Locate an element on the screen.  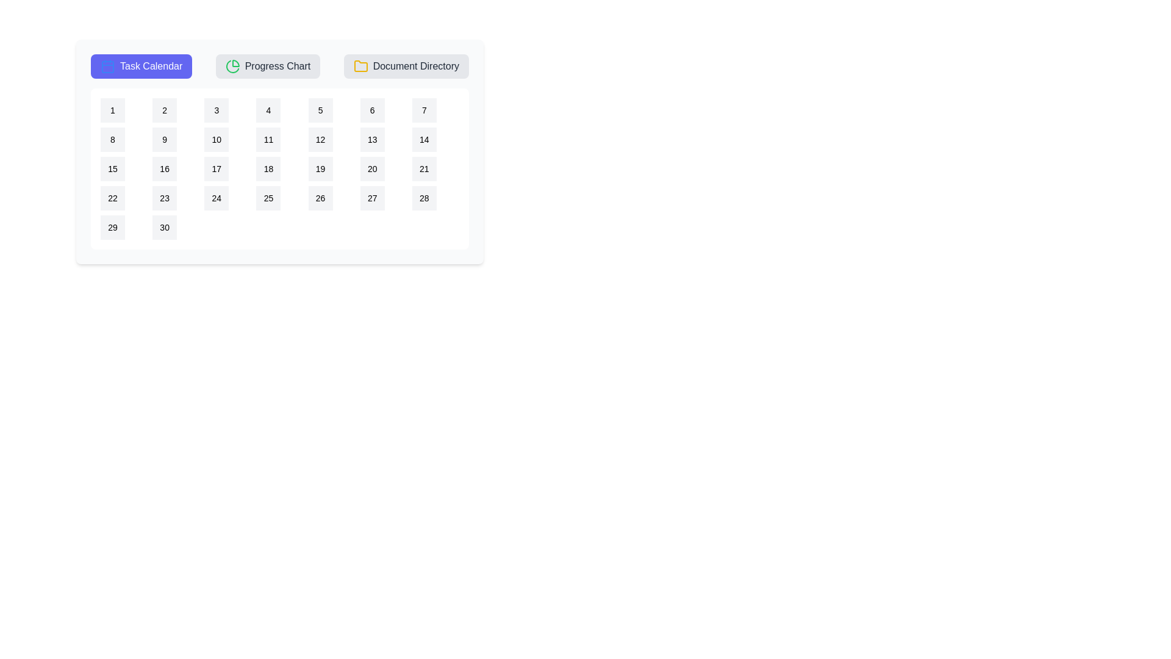
the calendar date 2 is located at coordinates (163, 110).